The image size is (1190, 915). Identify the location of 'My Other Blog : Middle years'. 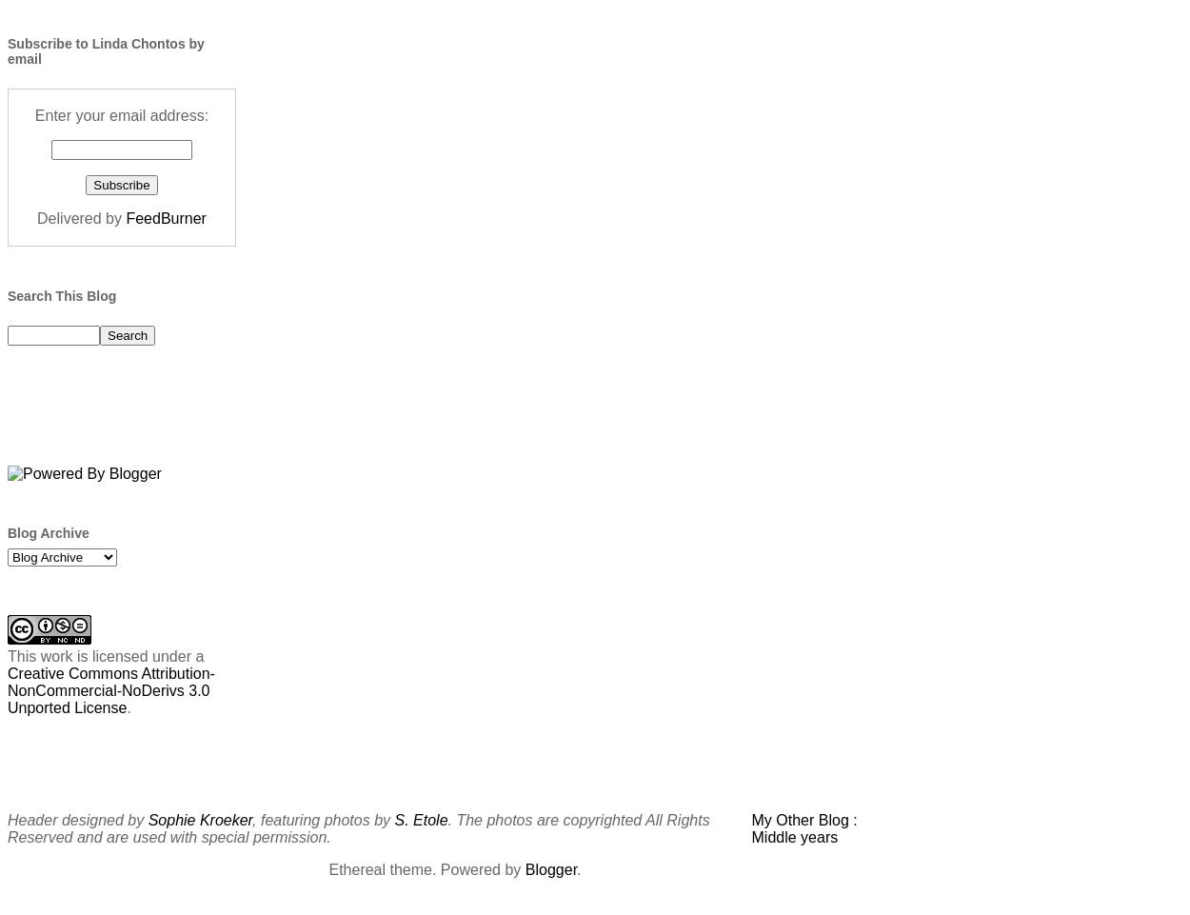
(803, 826).